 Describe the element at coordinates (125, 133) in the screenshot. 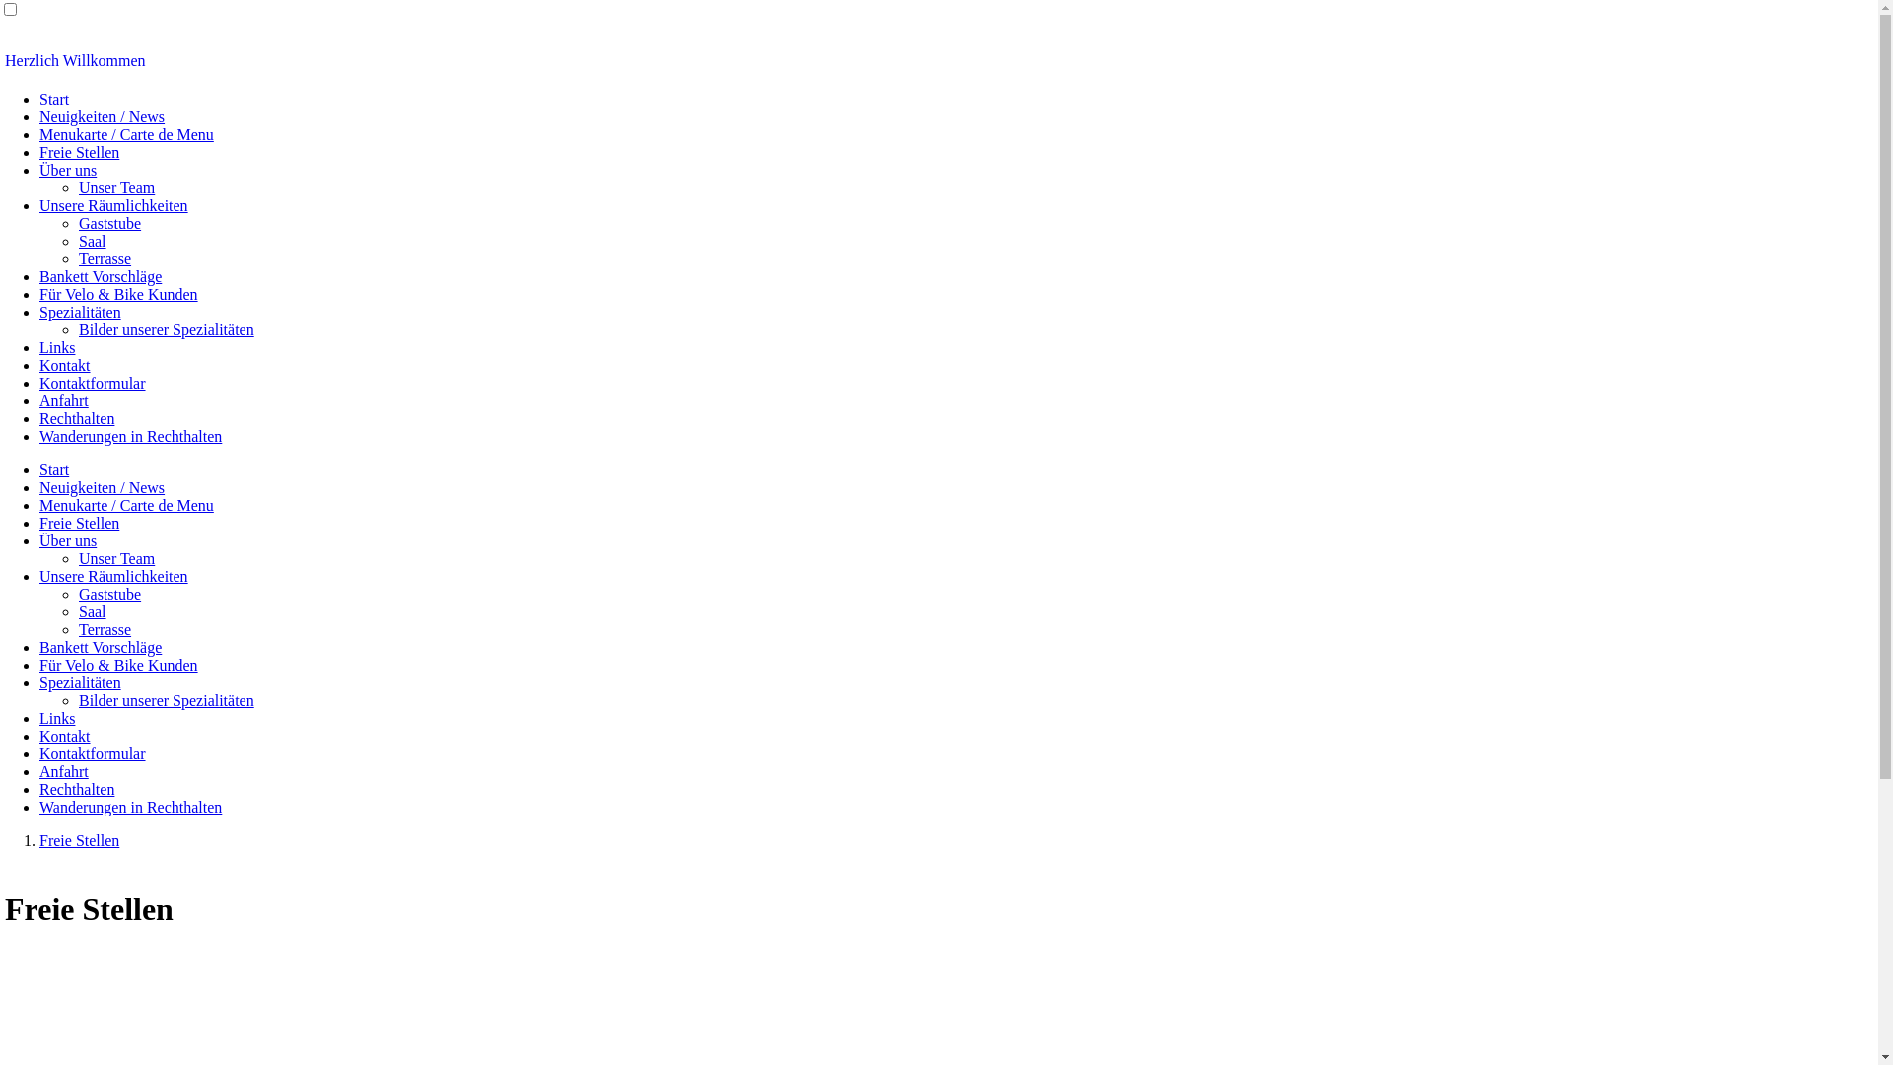

I see `'Menukarte / Carte de Menu'` at that location.